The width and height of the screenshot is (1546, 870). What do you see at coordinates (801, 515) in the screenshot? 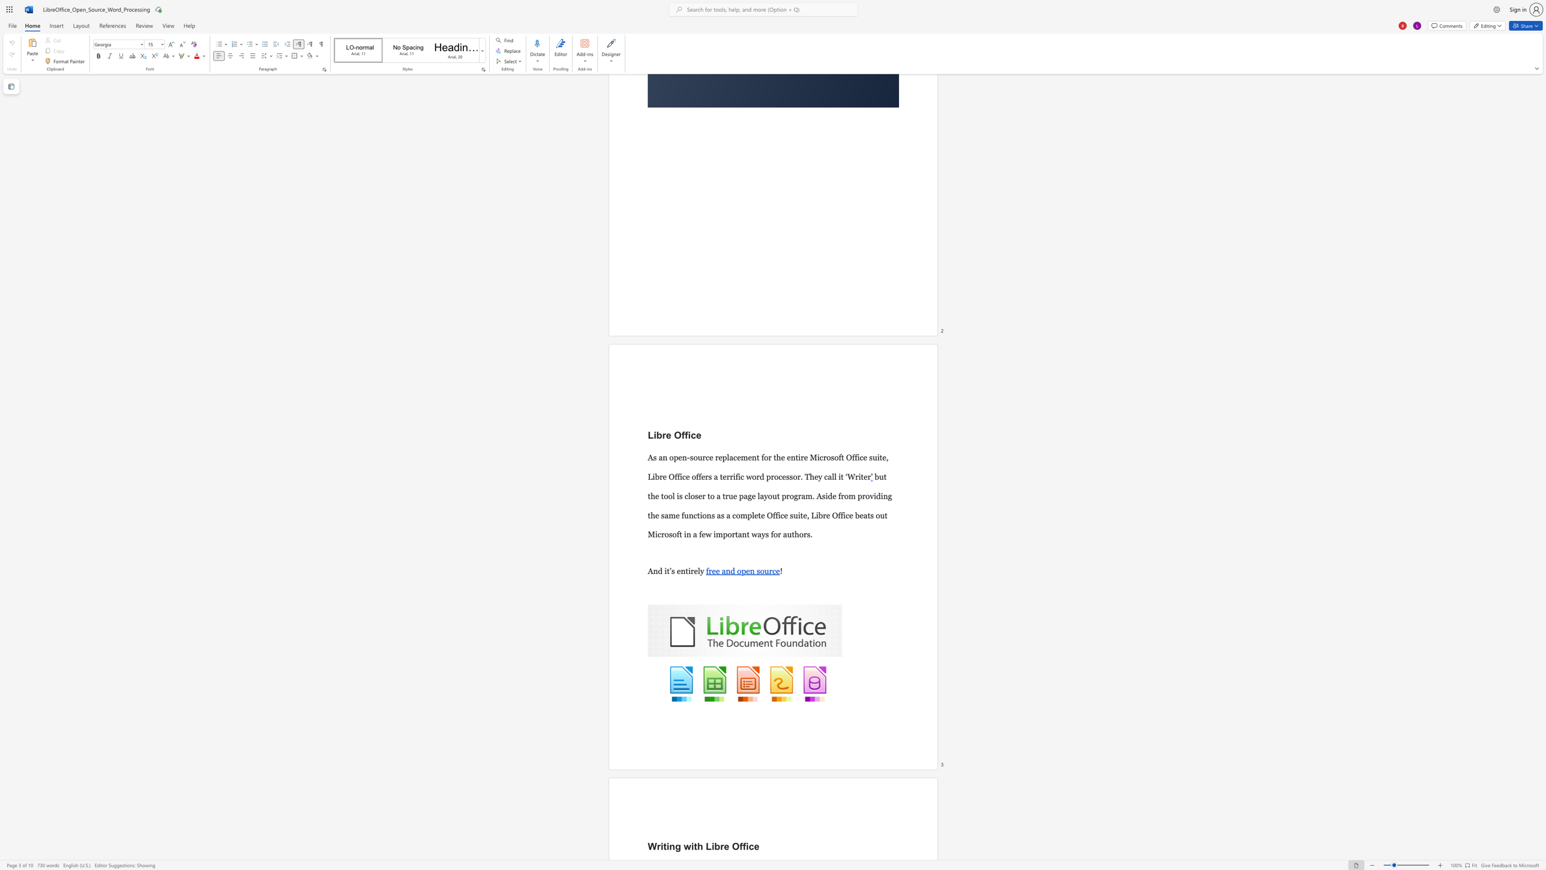
I see `the space between the continuous character "i" and "t" in the text` at bounding box center [801, 515].